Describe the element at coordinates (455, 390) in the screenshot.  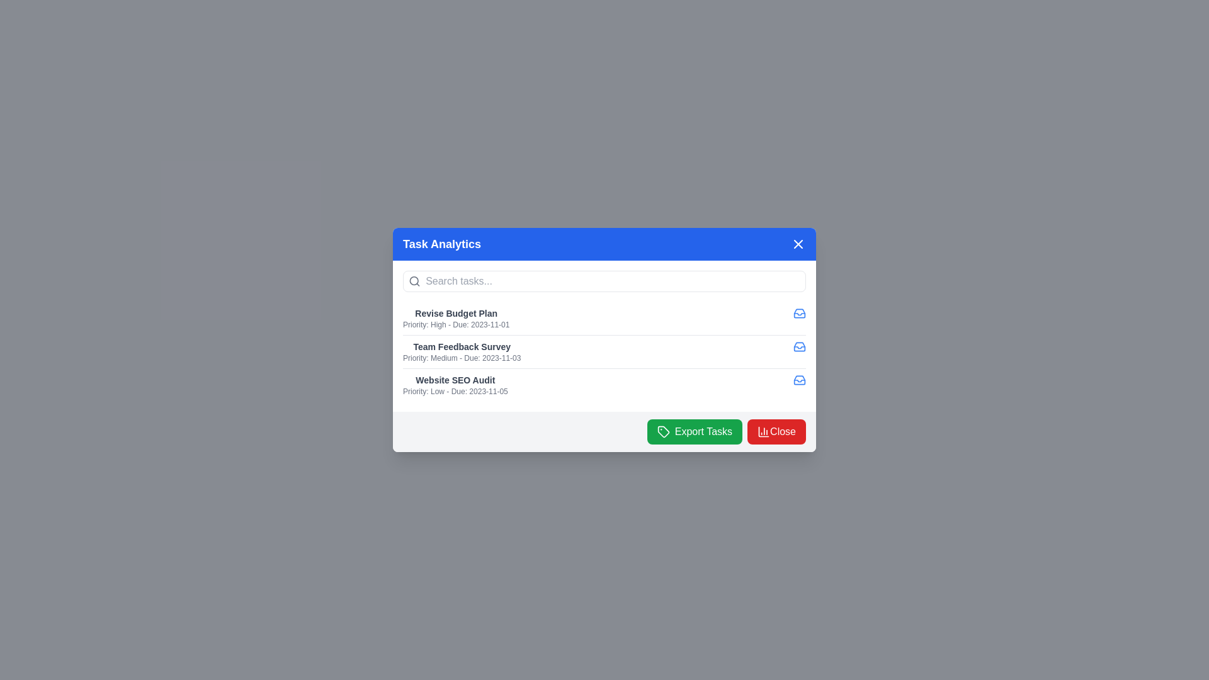
I see `the text label displaying 'Priority: Low - Due: 2023-11-05', which is located under 'Website SEO Audit' as the second line in the third item of the task list within the 'Task Analytics' dialog box` at that location.